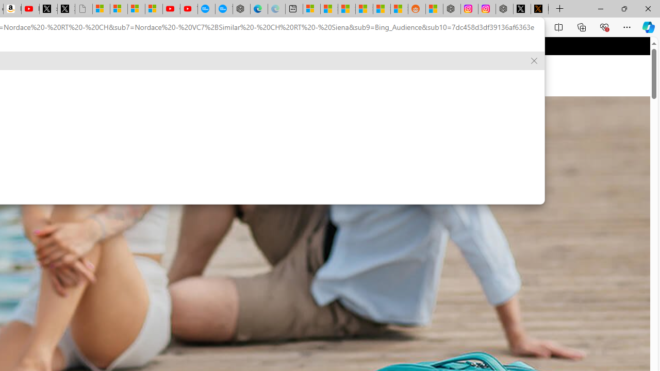 The width and height of the screenshot is (660, 371). I want to click on 'Collections', so click(582, 26).